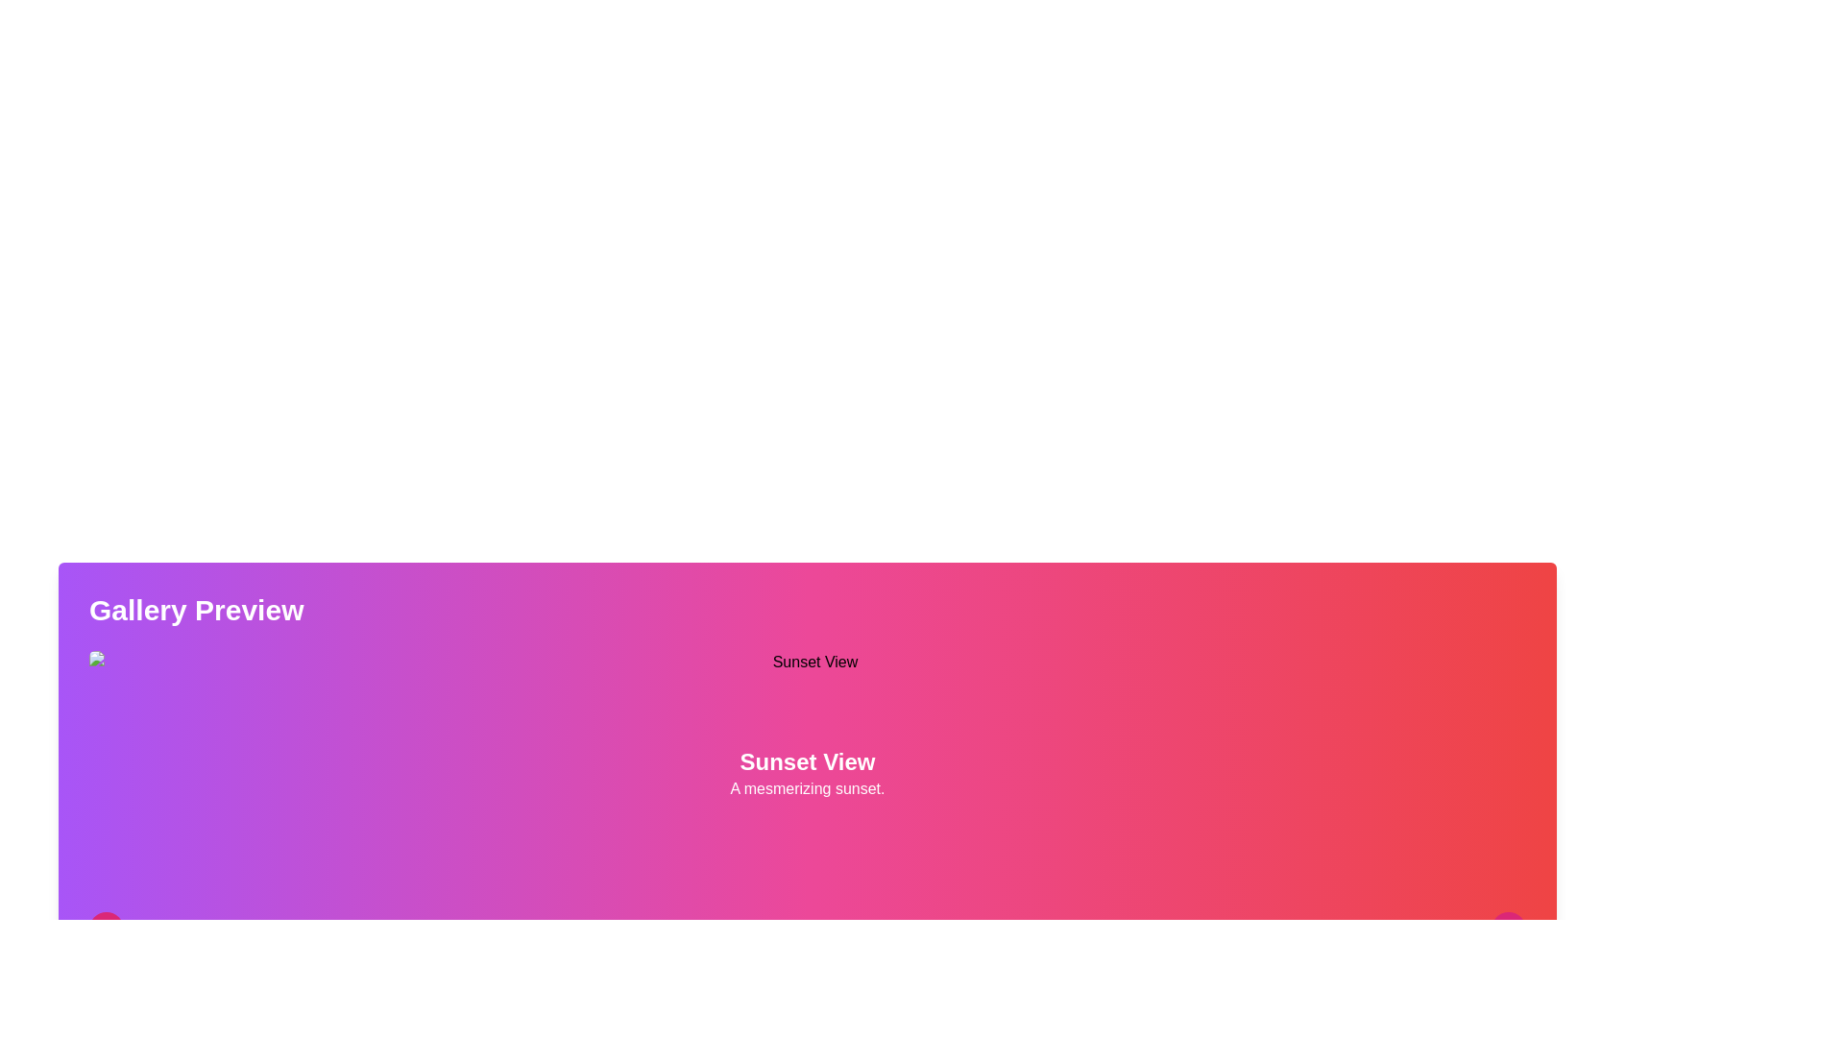 The width and height of the screenshot is (1844, 1037). I want to click on the static text element displaying 'Sunset View', which is a bold, large font text styled in white with a shadow effect, located near the center of a purple-to-pink gradient background, so click(807, 761).